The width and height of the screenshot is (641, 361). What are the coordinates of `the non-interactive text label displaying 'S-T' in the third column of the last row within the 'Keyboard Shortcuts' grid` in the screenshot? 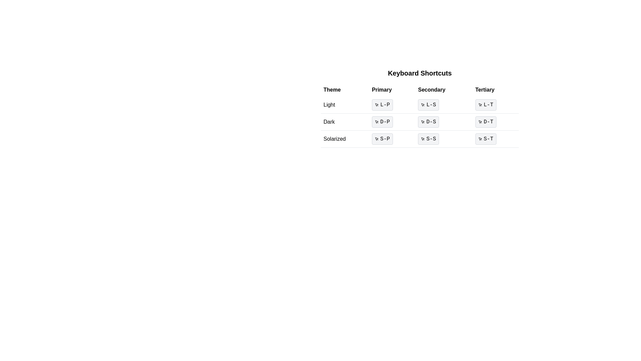 It's located at (488, 139).